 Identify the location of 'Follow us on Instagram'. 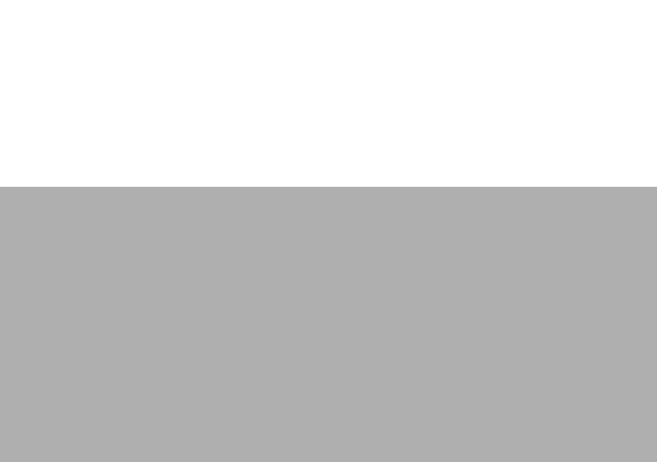
(335, 282).